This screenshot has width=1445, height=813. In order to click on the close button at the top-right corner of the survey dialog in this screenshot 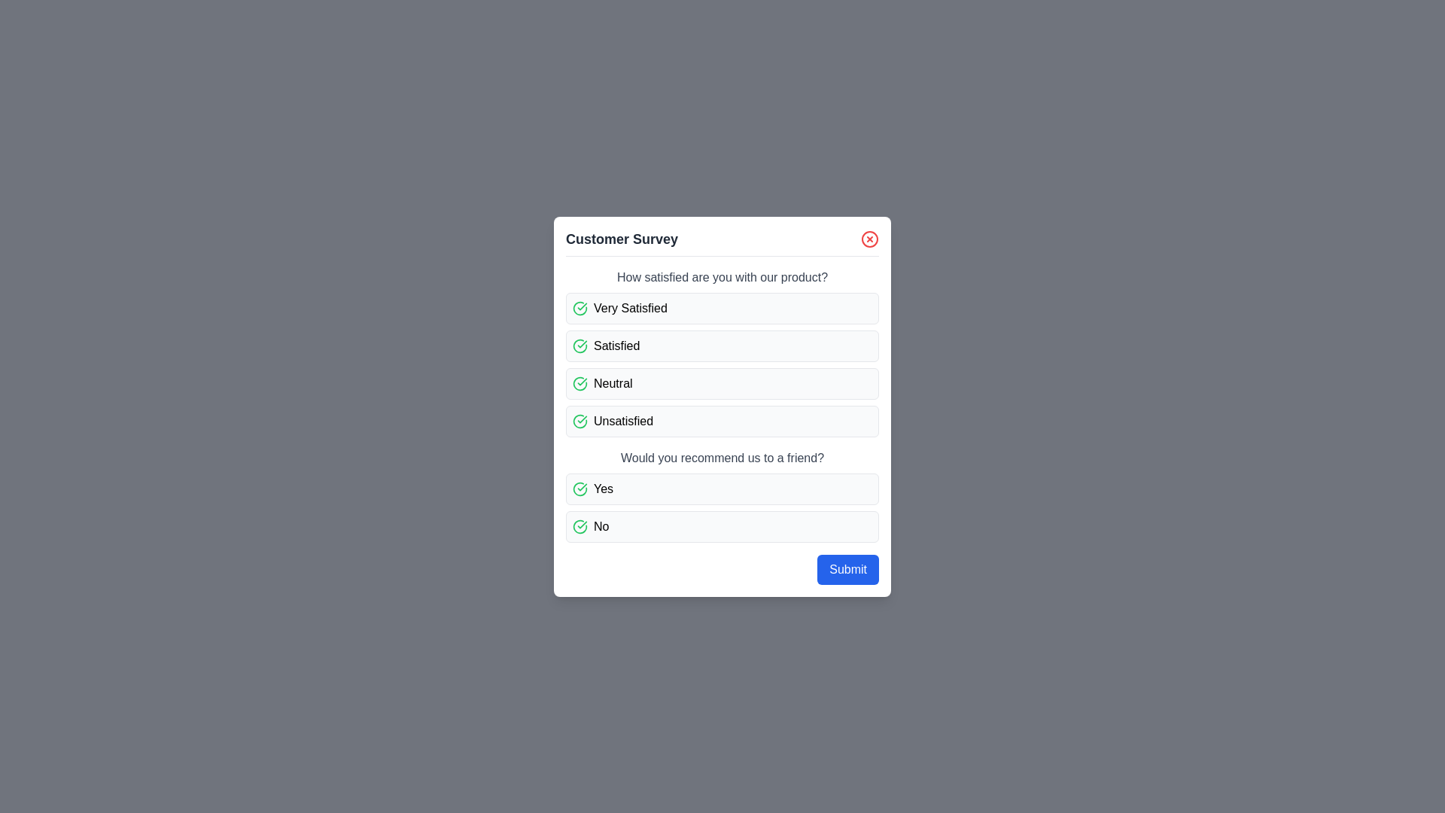, I will do `click(870, 238)`.